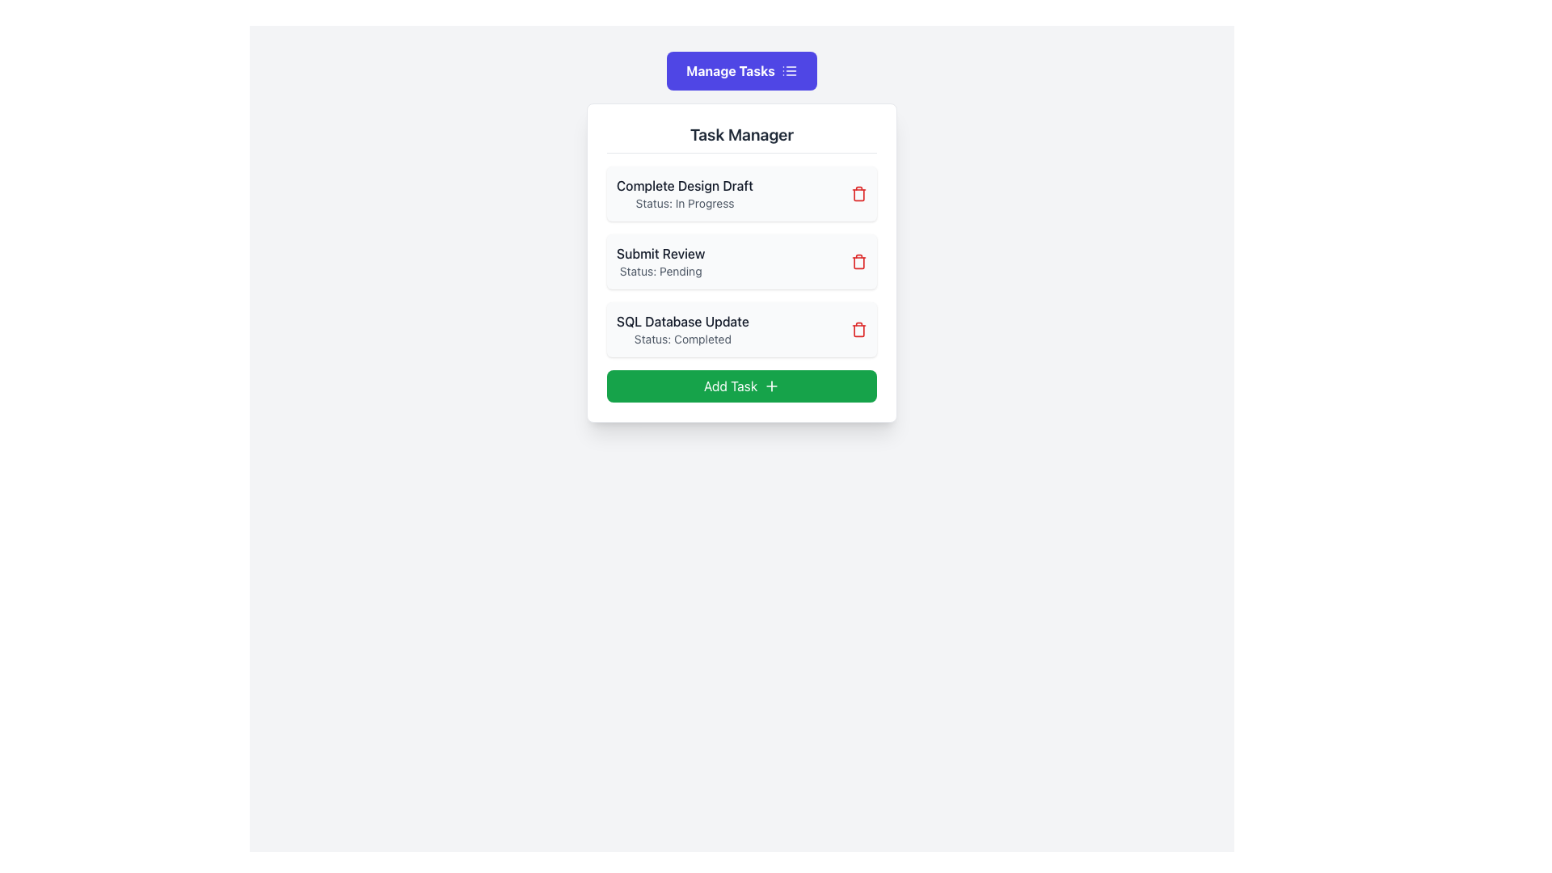 This screenshot has height=873, width=1552. Describe the element at coordinates (660, 261) in the screenshot. I see `the 'Submit Review' text display element, which shows 'Status: Pending' below it, located in the 'Task Manager' card layout` at that location.